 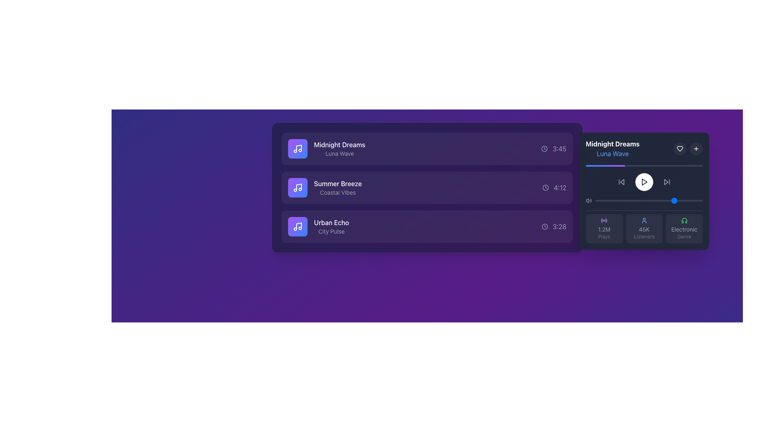 I want to click on the small clock icon located to the left of the '4:12' time text in the second row of the media list for the track 'Summer Breeze', so click(x=546, y=187).